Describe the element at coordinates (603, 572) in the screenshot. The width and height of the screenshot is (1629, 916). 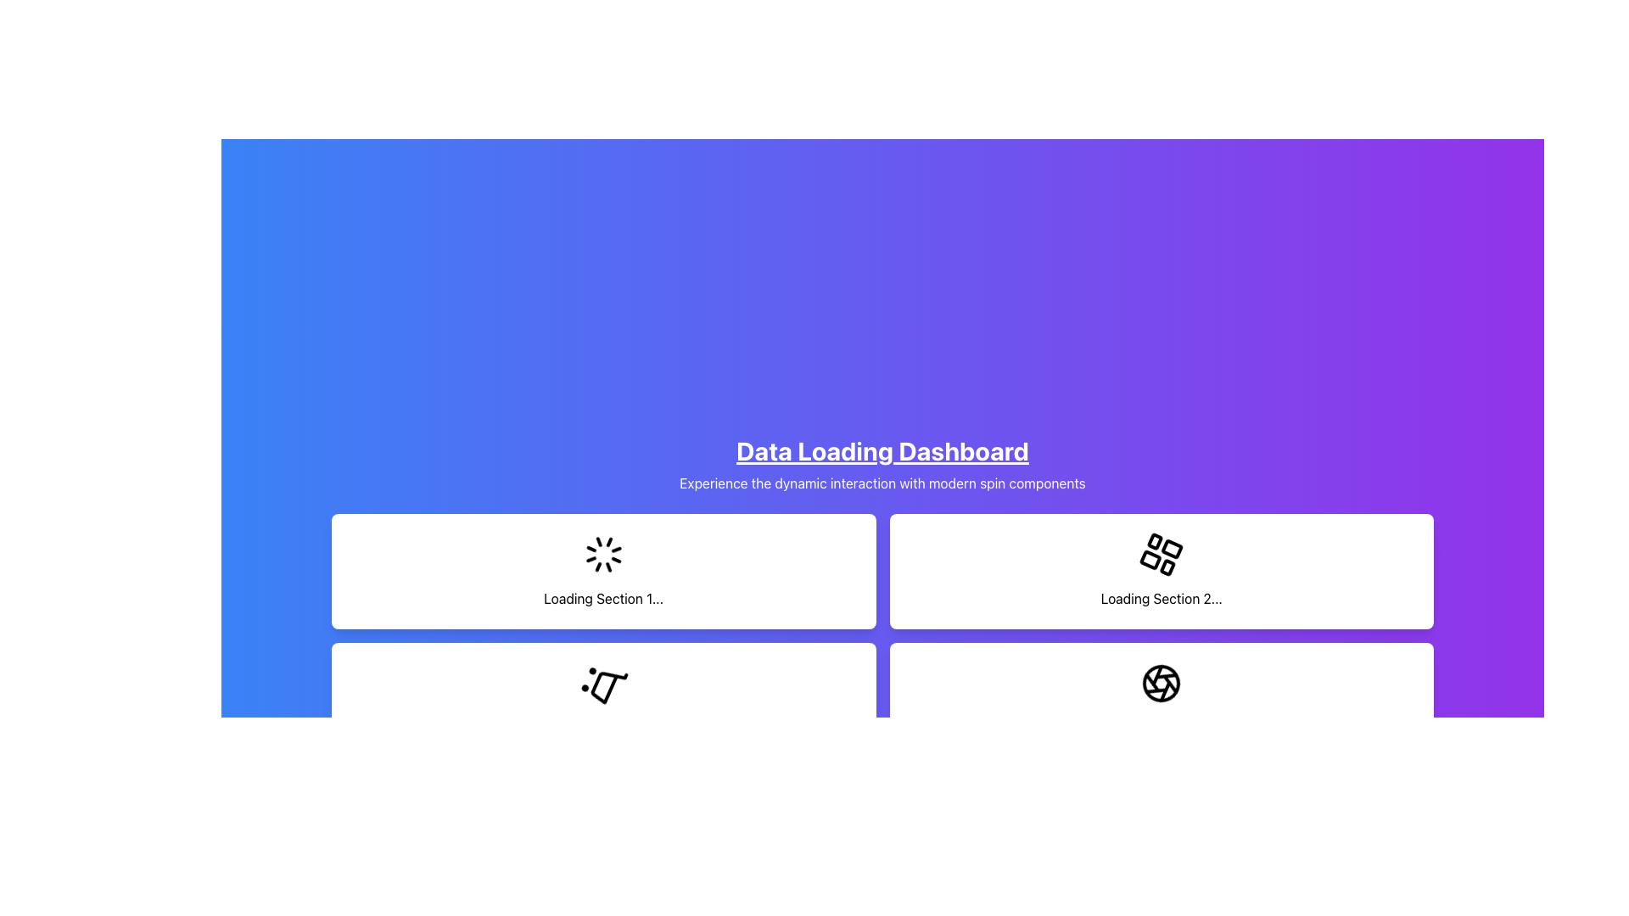
I see `status message from the Informational visual card with a loading indicator, which is the first card in the grid layout located at the top-left position` at that location.